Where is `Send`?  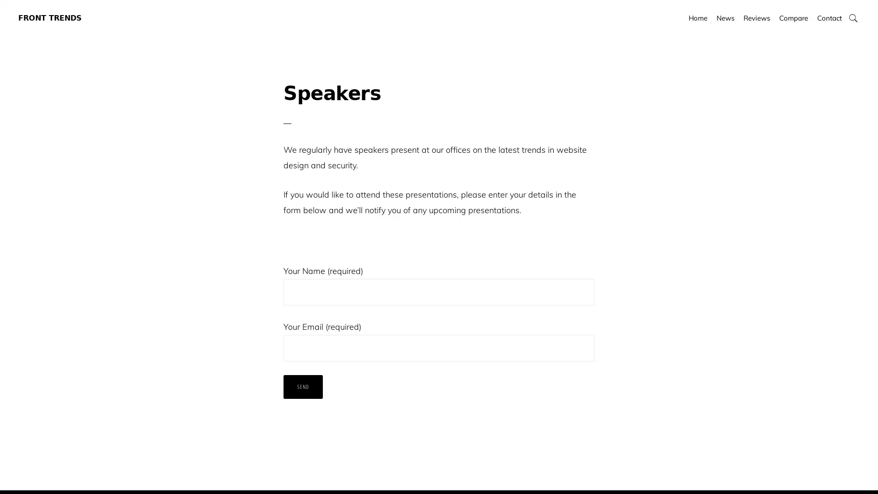
Send is located at coordinates (303, 386).